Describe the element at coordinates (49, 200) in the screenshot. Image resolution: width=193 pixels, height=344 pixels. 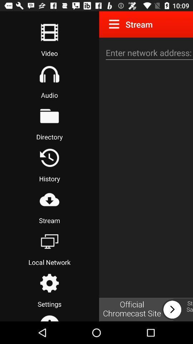
I see `stream button` at that location.